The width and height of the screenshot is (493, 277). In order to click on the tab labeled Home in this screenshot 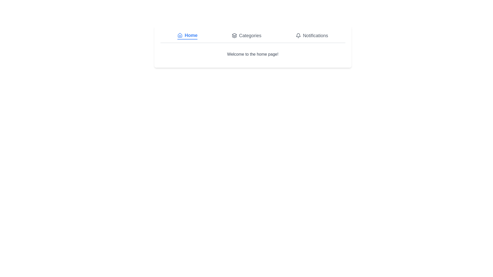, I will do `click(187, 35)`.